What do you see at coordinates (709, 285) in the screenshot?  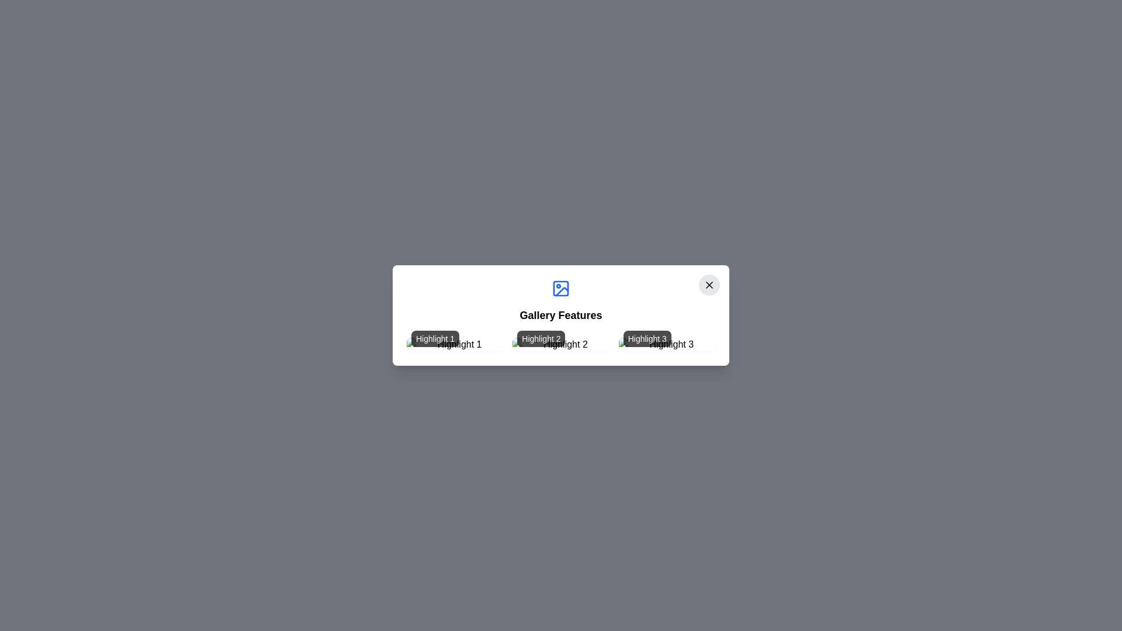 I see `the close button to close the dialog` at bounding box center [709, 285].